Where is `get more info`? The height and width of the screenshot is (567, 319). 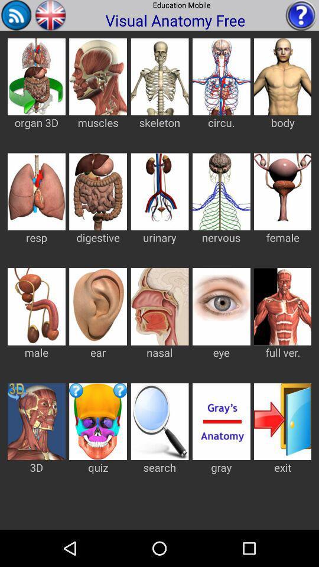
get more info is located at coordinates (301, 14).